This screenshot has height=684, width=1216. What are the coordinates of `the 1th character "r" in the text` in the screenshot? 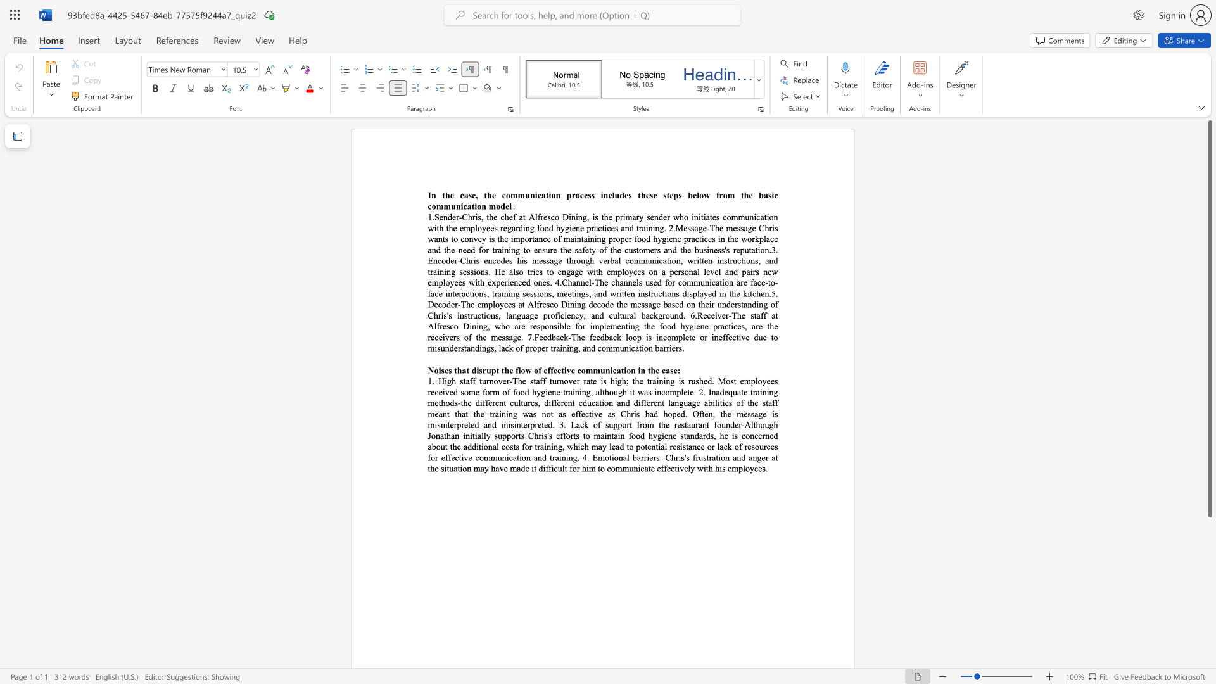 It's located at (519, 326).